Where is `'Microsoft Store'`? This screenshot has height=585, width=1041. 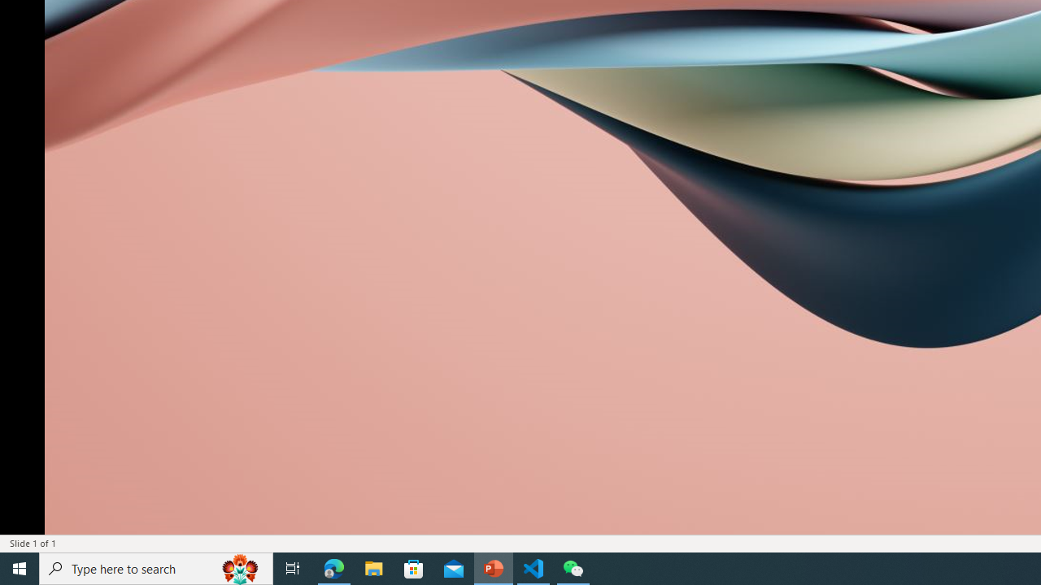 'Microsoft Store' is located at coordinates (414, 567).